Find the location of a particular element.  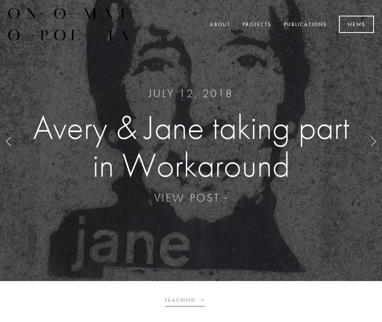

'Curious Grace & Avery Green' is located at coordinates (190, 145).